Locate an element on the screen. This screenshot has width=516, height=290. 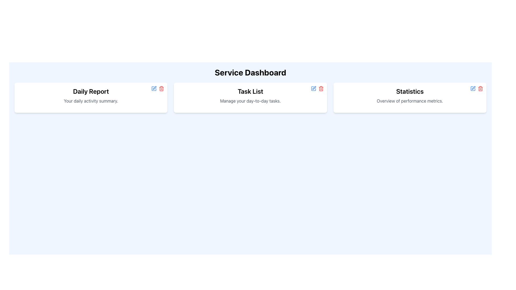
the descriptive Text Label below the 'Daily Report' heading in the leftmost card is located at coordinates (91, 101).